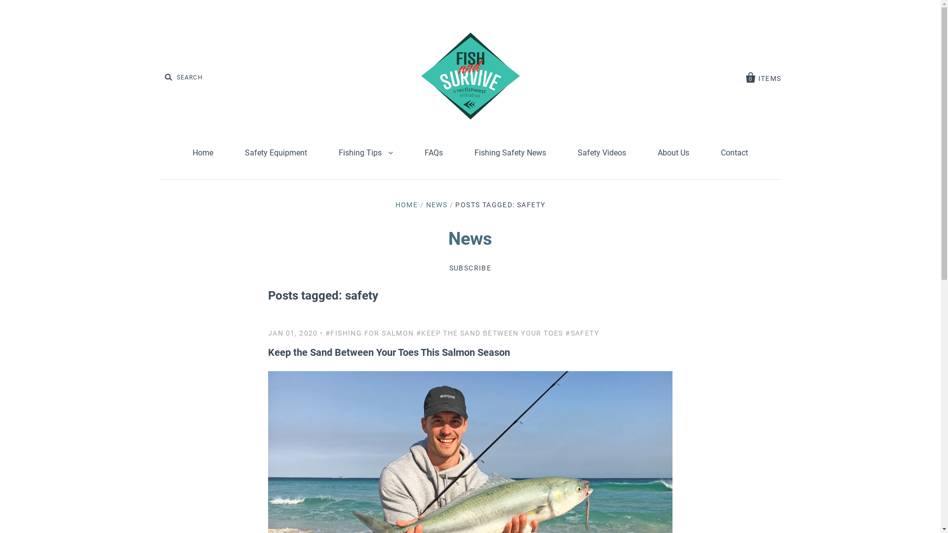 The image size is (948, 533). Describe the element at coordinates (325, 333) in the screenshot. I see `'#FISHING FOR SALMON'` at that location.